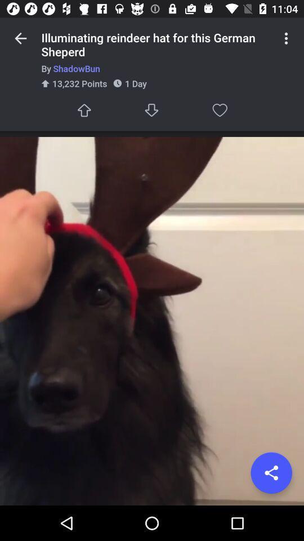  Describe the element at coordinates (83, 110) in the screenshot. I see `item below the 13,231 points item` at that location.